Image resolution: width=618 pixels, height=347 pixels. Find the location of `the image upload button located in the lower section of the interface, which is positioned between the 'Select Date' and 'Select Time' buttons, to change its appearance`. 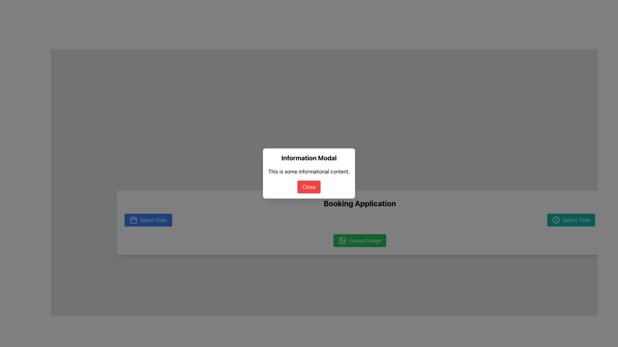

the image upload button located in the lower section of the interface, which is positioned between the 'Select Date' and 'Select Time' buttons, to change its appearance is located at coordinates (360, 240).